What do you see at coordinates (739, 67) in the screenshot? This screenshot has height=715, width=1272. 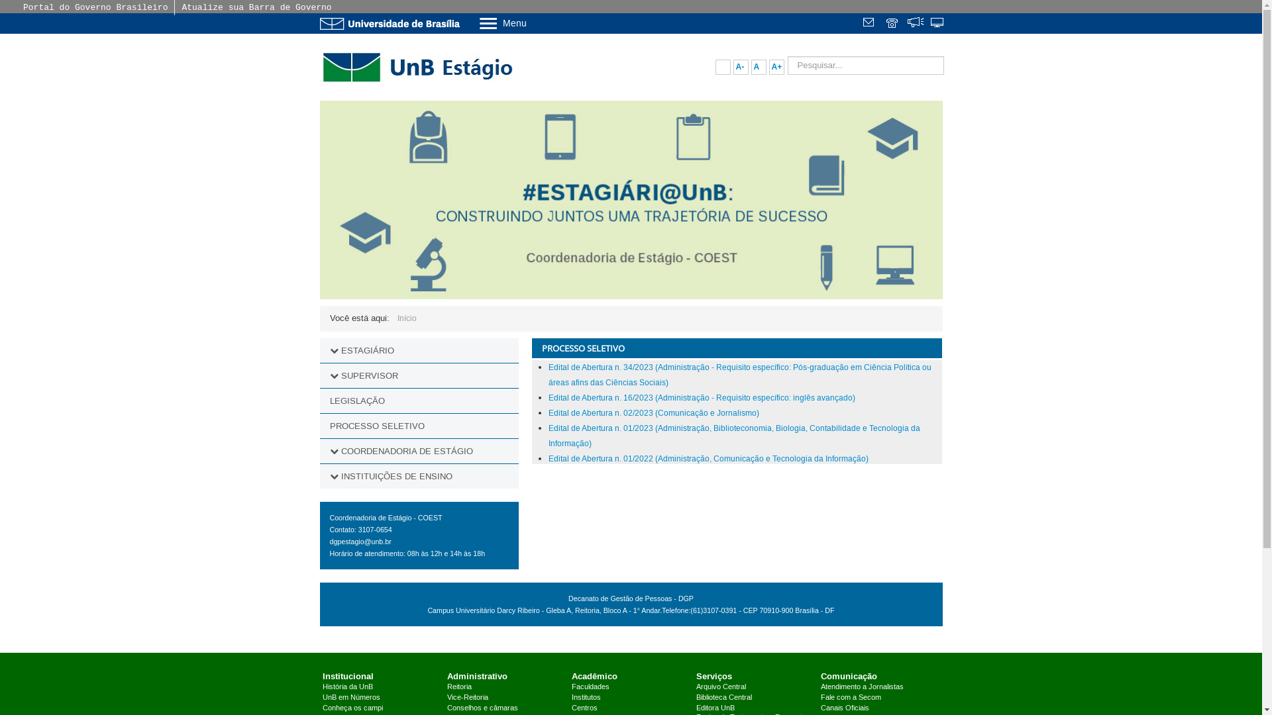 I see `'A-'` at bounding box center [739, 67].